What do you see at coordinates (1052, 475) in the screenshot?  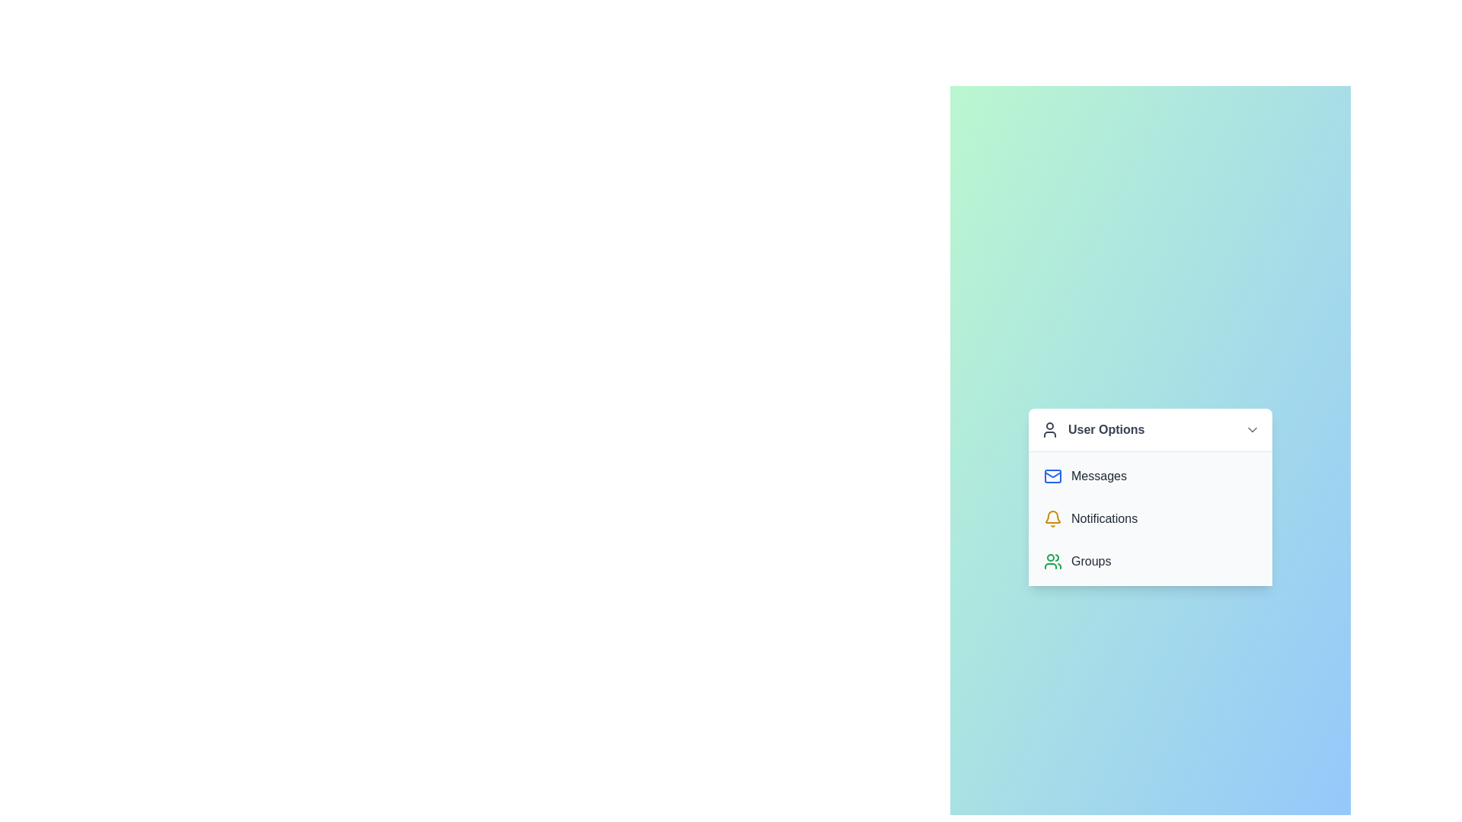 I see `the envelope icon within the 'User Options' dropdown menu for visual feedback` at bounding box center [1052, 475].